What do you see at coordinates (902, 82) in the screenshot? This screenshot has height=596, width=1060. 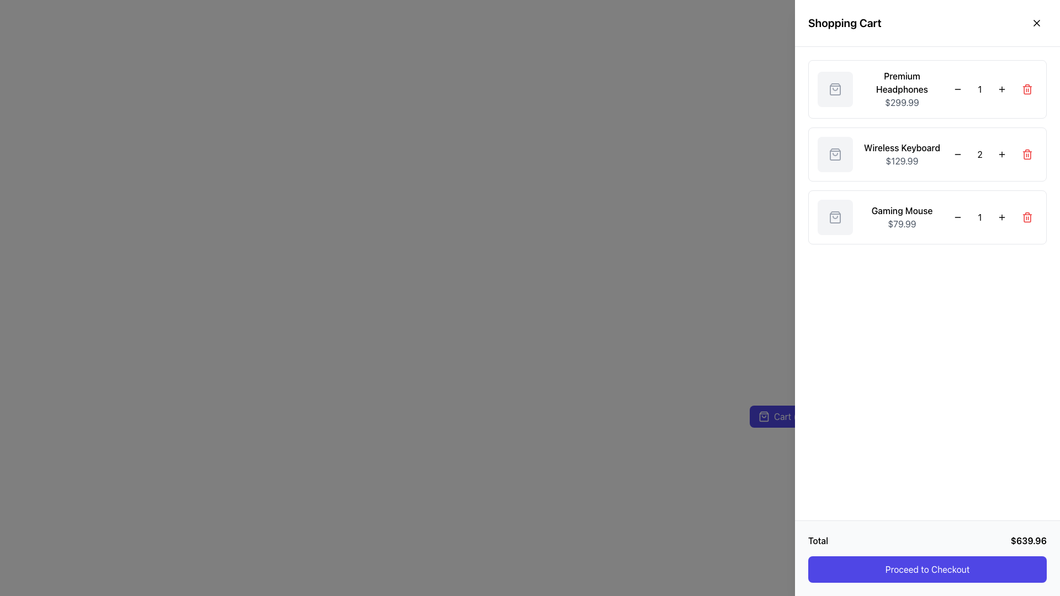 I see `assistive technology` at bounding box center [902, 82].